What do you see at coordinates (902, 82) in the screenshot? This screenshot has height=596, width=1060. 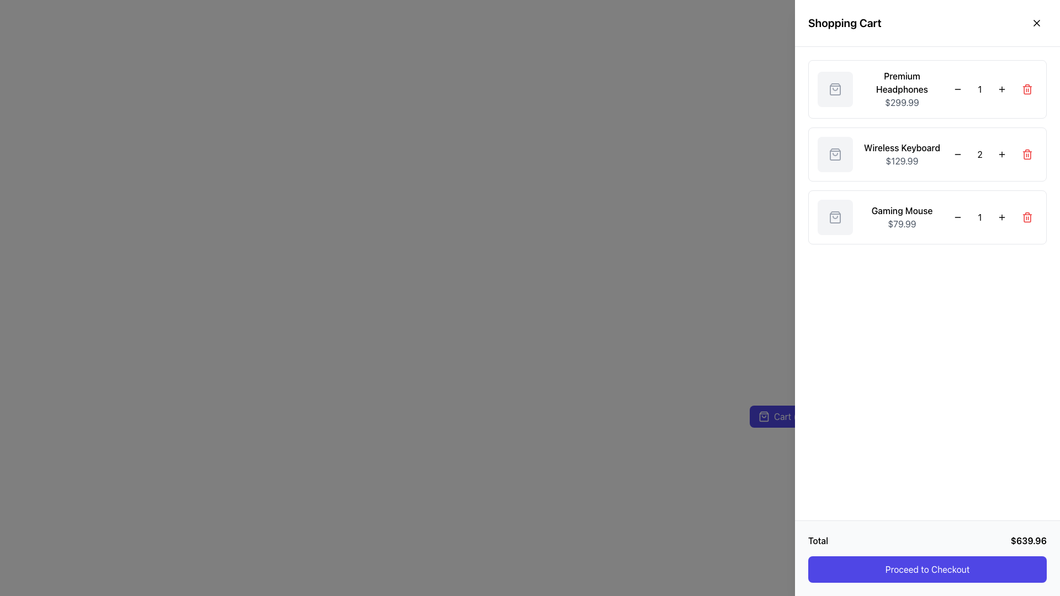 I see `assistive technology` at bounding box center [902, 82].